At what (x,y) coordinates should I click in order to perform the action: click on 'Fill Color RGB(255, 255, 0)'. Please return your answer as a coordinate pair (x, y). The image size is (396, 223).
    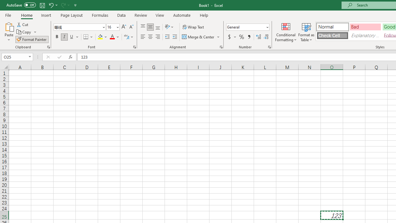
    Looking at the image, I should click on (100, 37).